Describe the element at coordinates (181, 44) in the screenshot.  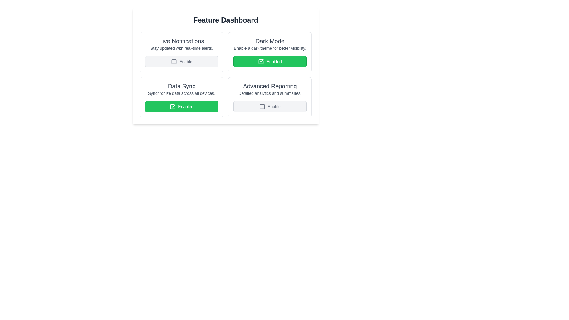
I see `the textual component titled 'Live Notifications' which is prominently displayed in larger bold text and is located in the top-left card of the 'Feature Dashboard', situated above the 'Enable' button` at that location.